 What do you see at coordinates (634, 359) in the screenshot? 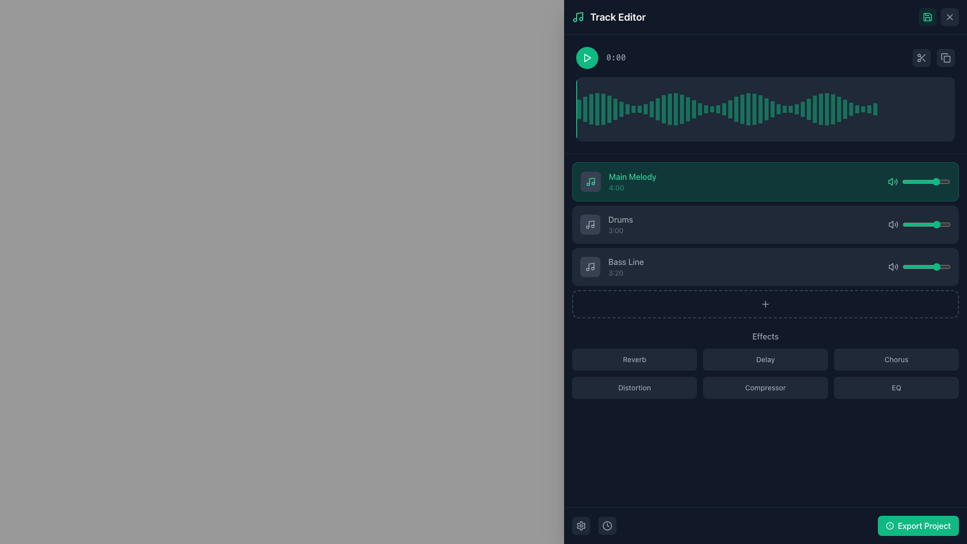
I see `the 'Reverb' button located in the top-left corner of the effects button grid` at bounding box center [634, 359].